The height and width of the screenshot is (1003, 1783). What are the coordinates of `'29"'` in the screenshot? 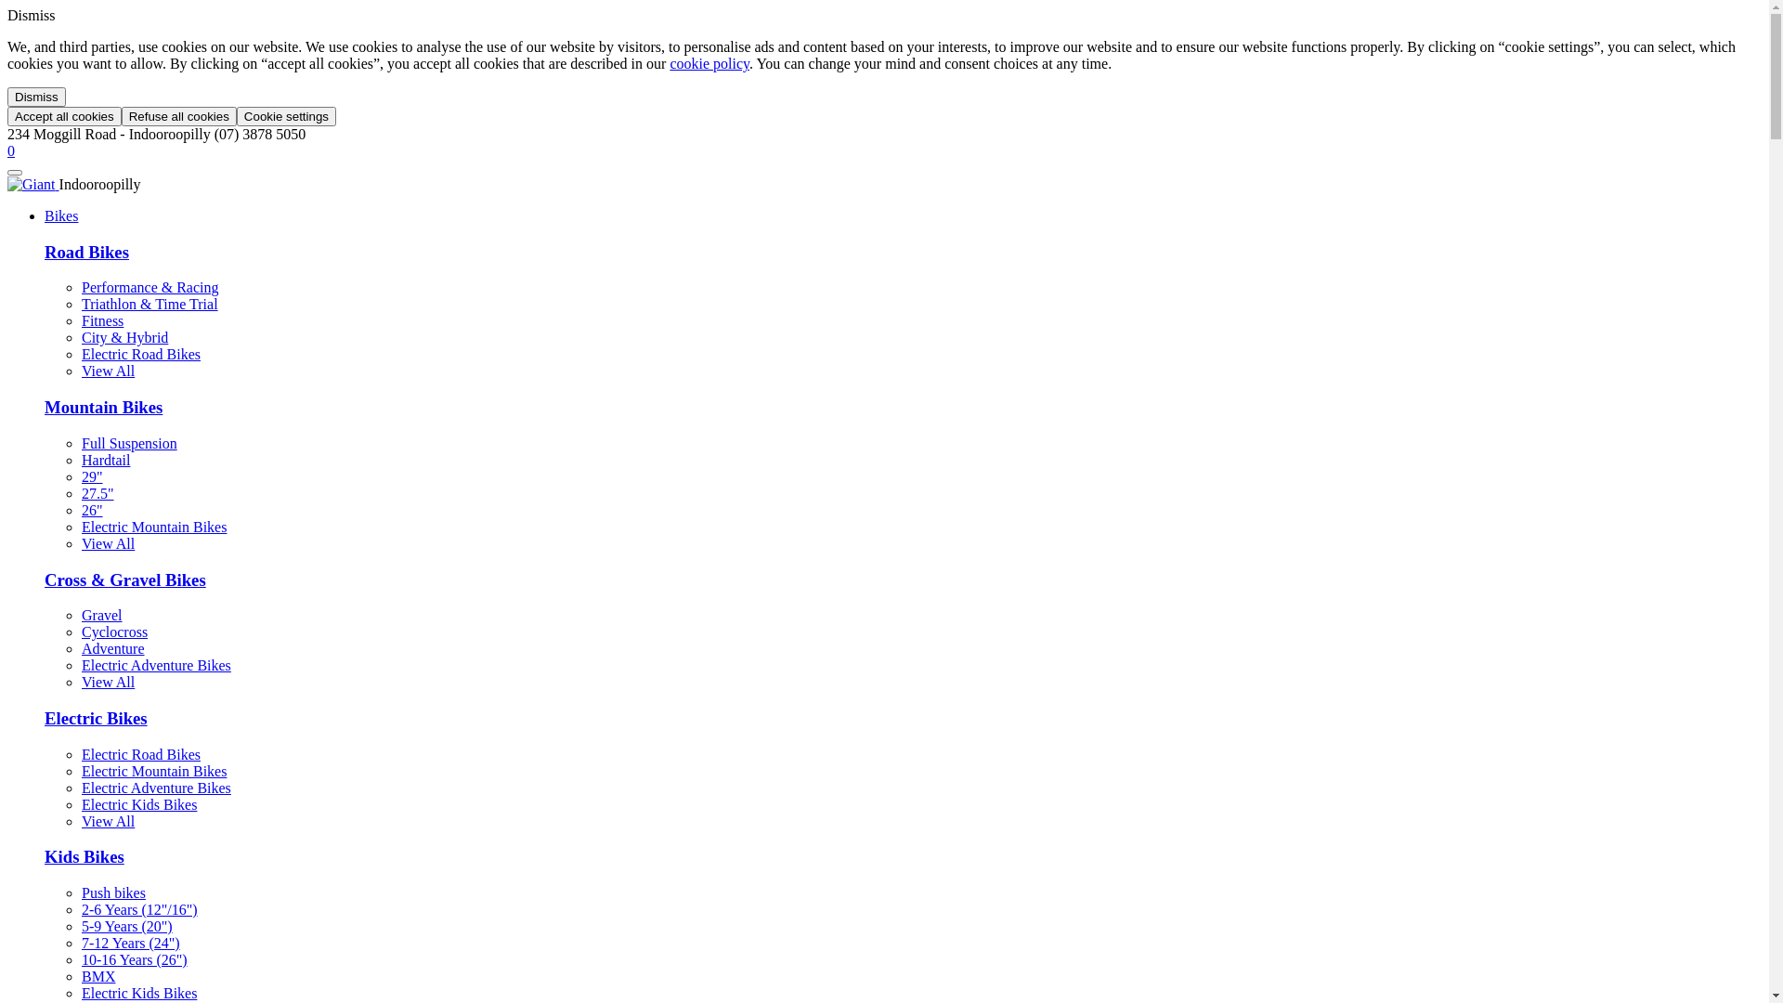 It's located at (91, 475).